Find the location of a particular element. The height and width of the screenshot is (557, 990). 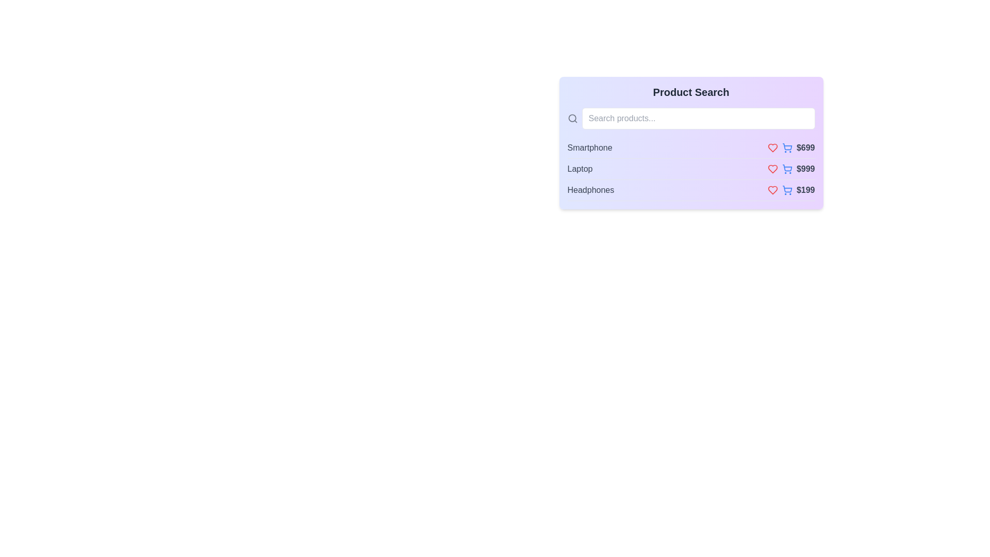

the static text label 'Smartphone' located at the leftmost part of the first row in the product list is located at coordinates (590, 148).